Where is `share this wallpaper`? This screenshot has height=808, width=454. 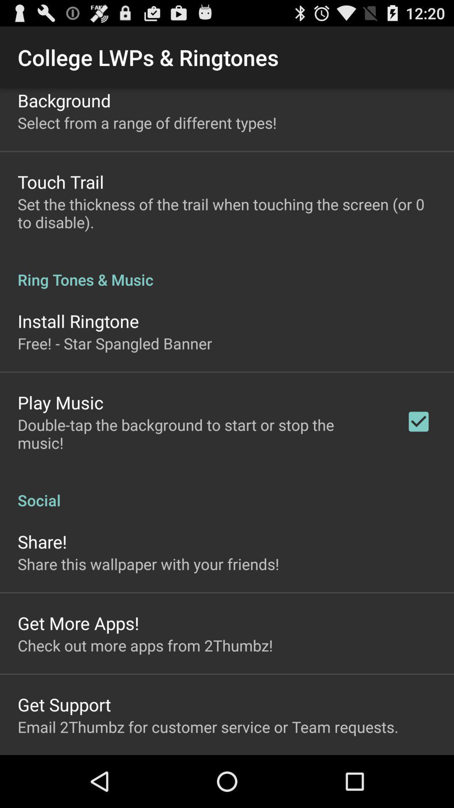 share this wallpaper is located at coordinates (148, 564).